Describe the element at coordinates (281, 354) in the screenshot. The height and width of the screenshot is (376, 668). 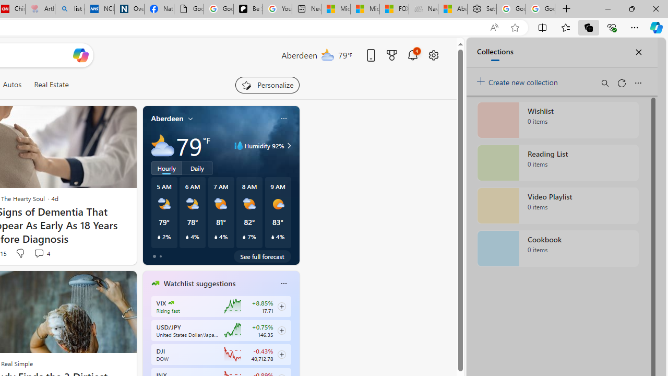
I see `'Class: follow-button  m'` at that location.